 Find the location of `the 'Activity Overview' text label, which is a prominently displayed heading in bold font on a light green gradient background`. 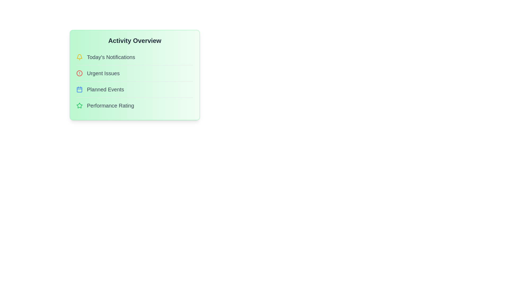

the 'Activity Overview' text label, which is a prominently displayed heading in bold font on a light green gradient background is located at coordinates (135, 41).